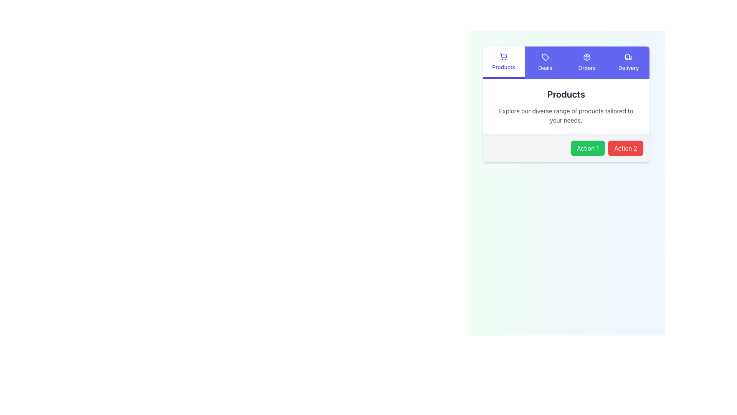 The image size is (737, 415). I want to click on the 'Products', 'Deals', 'Orders', or 'Delivery' section of the navigation bar, so click(566, 62).